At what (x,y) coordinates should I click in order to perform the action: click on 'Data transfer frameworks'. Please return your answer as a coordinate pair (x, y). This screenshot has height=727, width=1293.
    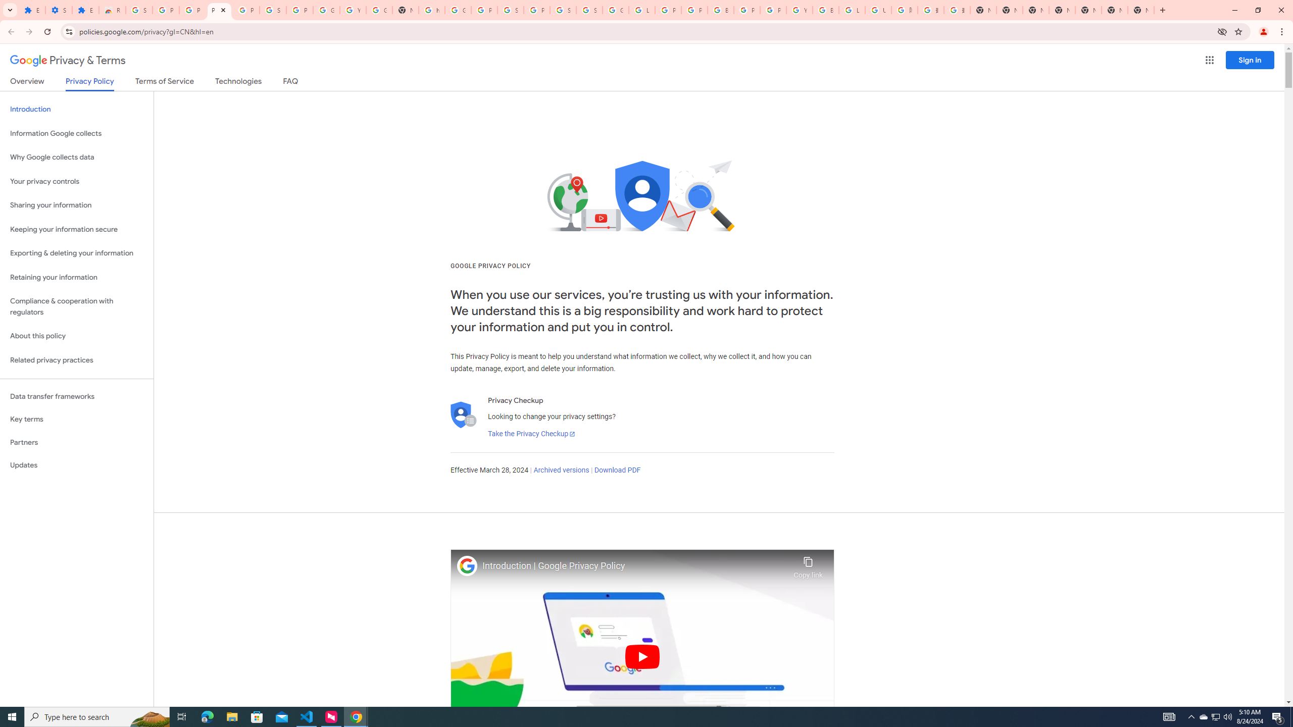
    Looking at the image, I should click on (76, 396).